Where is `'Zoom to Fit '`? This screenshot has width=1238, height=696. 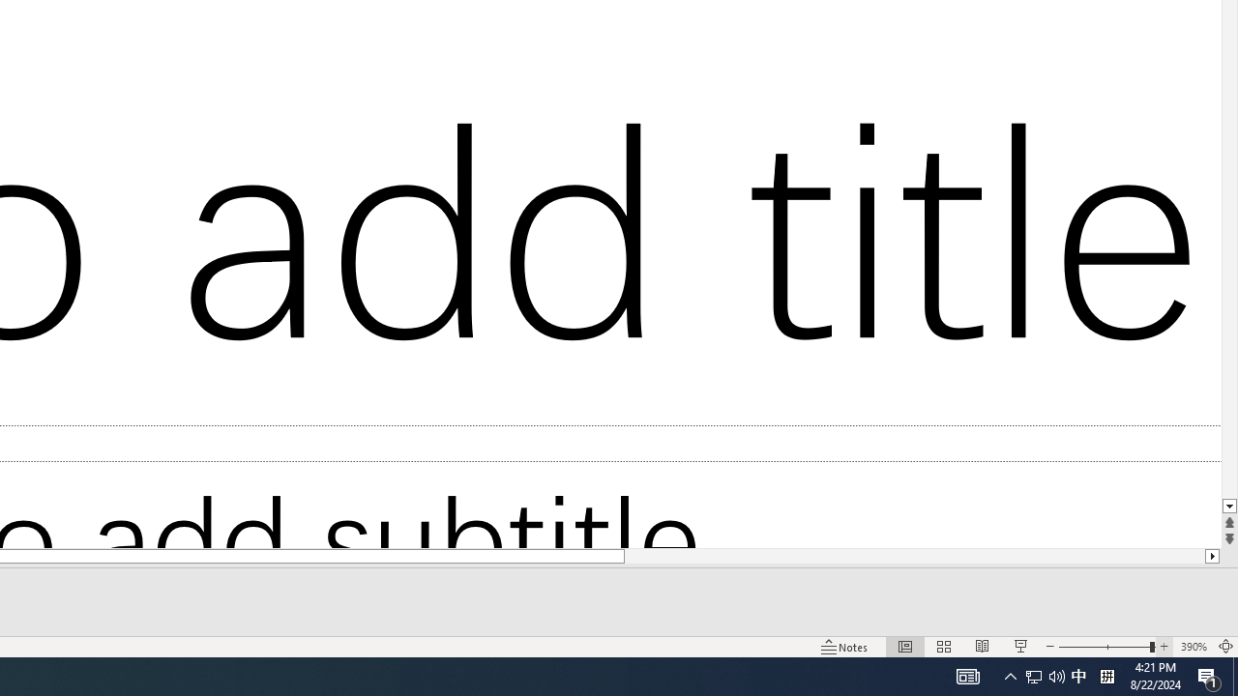
'Zoom to Fit ' is located at coordinates (1224, 647).